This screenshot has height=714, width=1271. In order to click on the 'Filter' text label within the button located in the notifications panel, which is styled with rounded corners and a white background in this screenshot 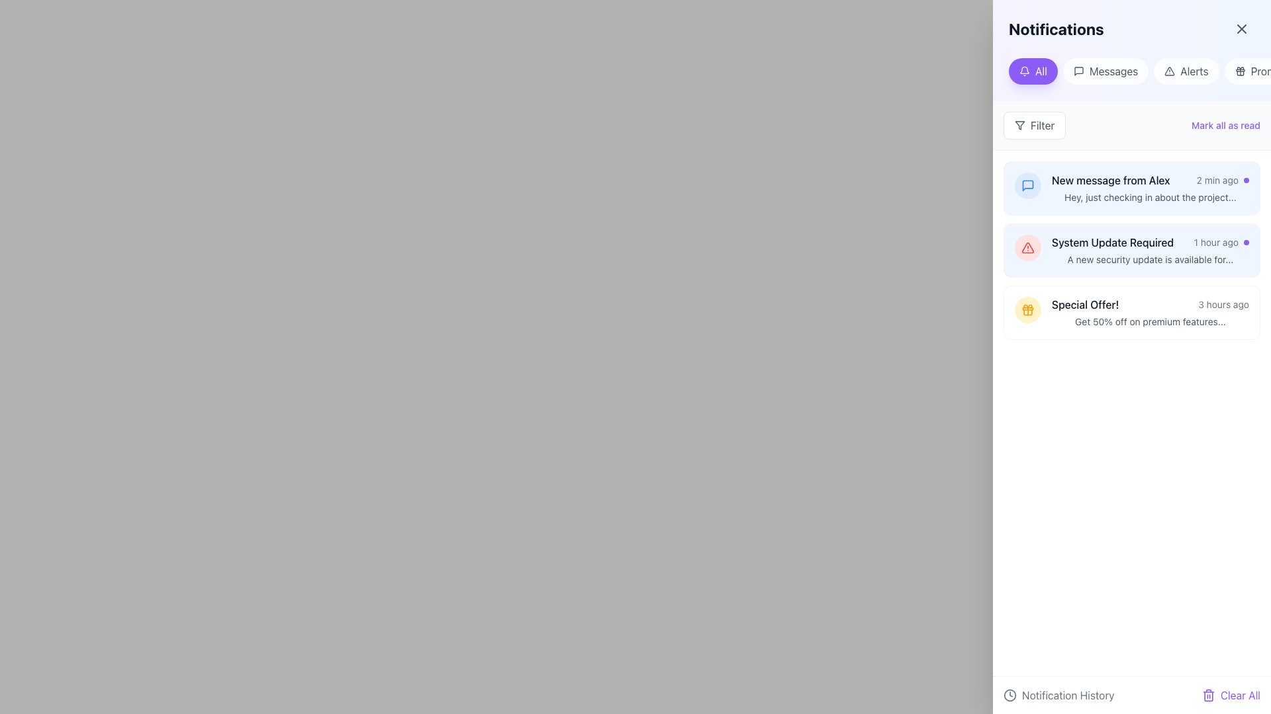, I will do `click(1042, 125)`.